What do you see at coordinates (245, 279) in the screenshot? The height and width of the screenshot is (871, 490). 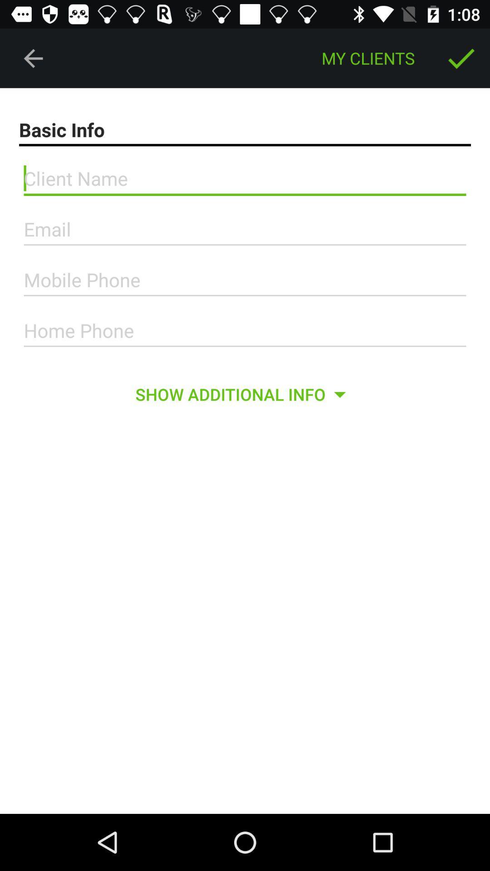 I see `mobile phone entry` at bounding box center [245, 279].